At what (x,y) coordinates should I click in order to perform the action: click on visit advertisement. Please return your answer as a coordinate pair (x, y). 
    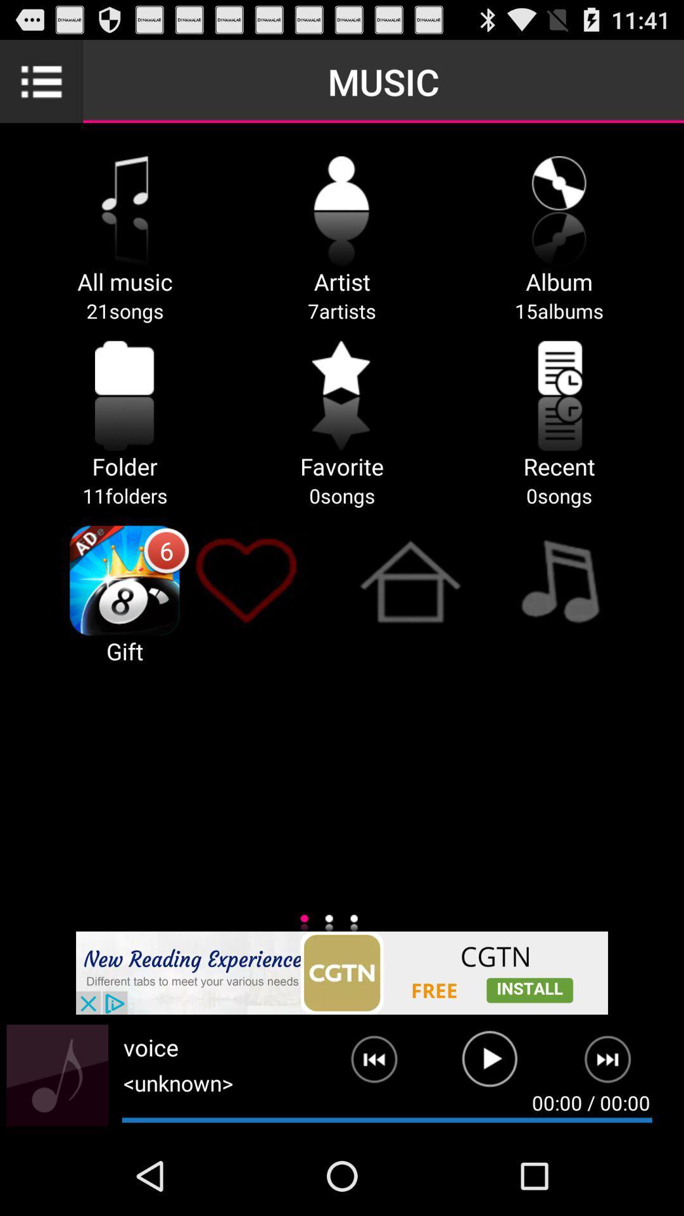
    Looking at the image, I should click on (342, 972).